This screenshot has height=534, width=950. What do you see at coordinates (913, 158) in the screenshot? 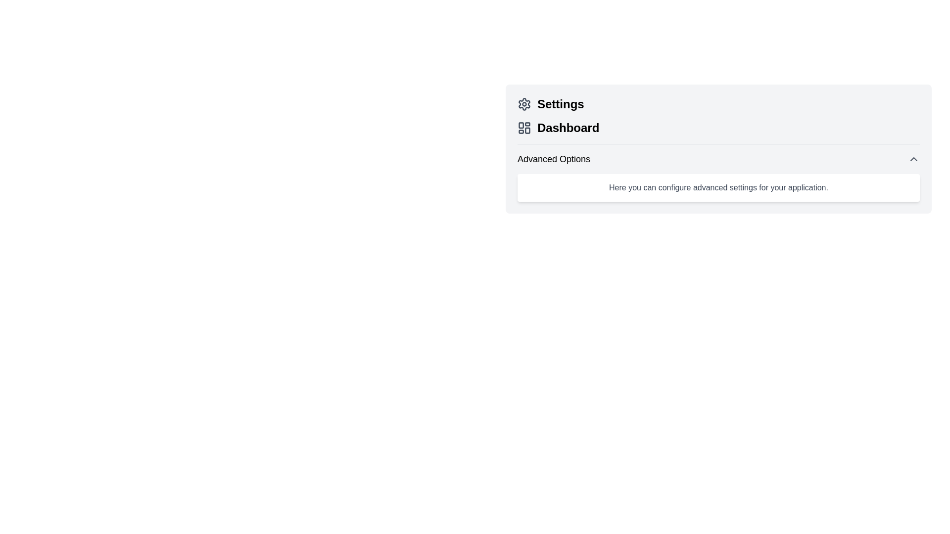
I see `the small up arrow icon button located at the right-hand side of the 'Advanced Options' section` at bounding box center [913, 158].